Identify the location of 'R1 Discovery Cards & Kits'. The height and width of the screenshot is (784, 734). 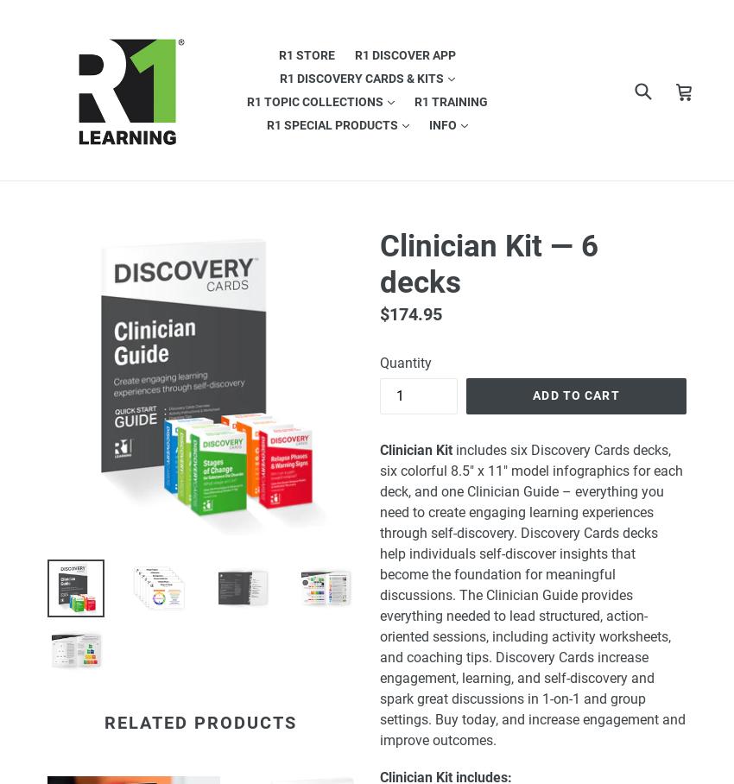
(362, 76).